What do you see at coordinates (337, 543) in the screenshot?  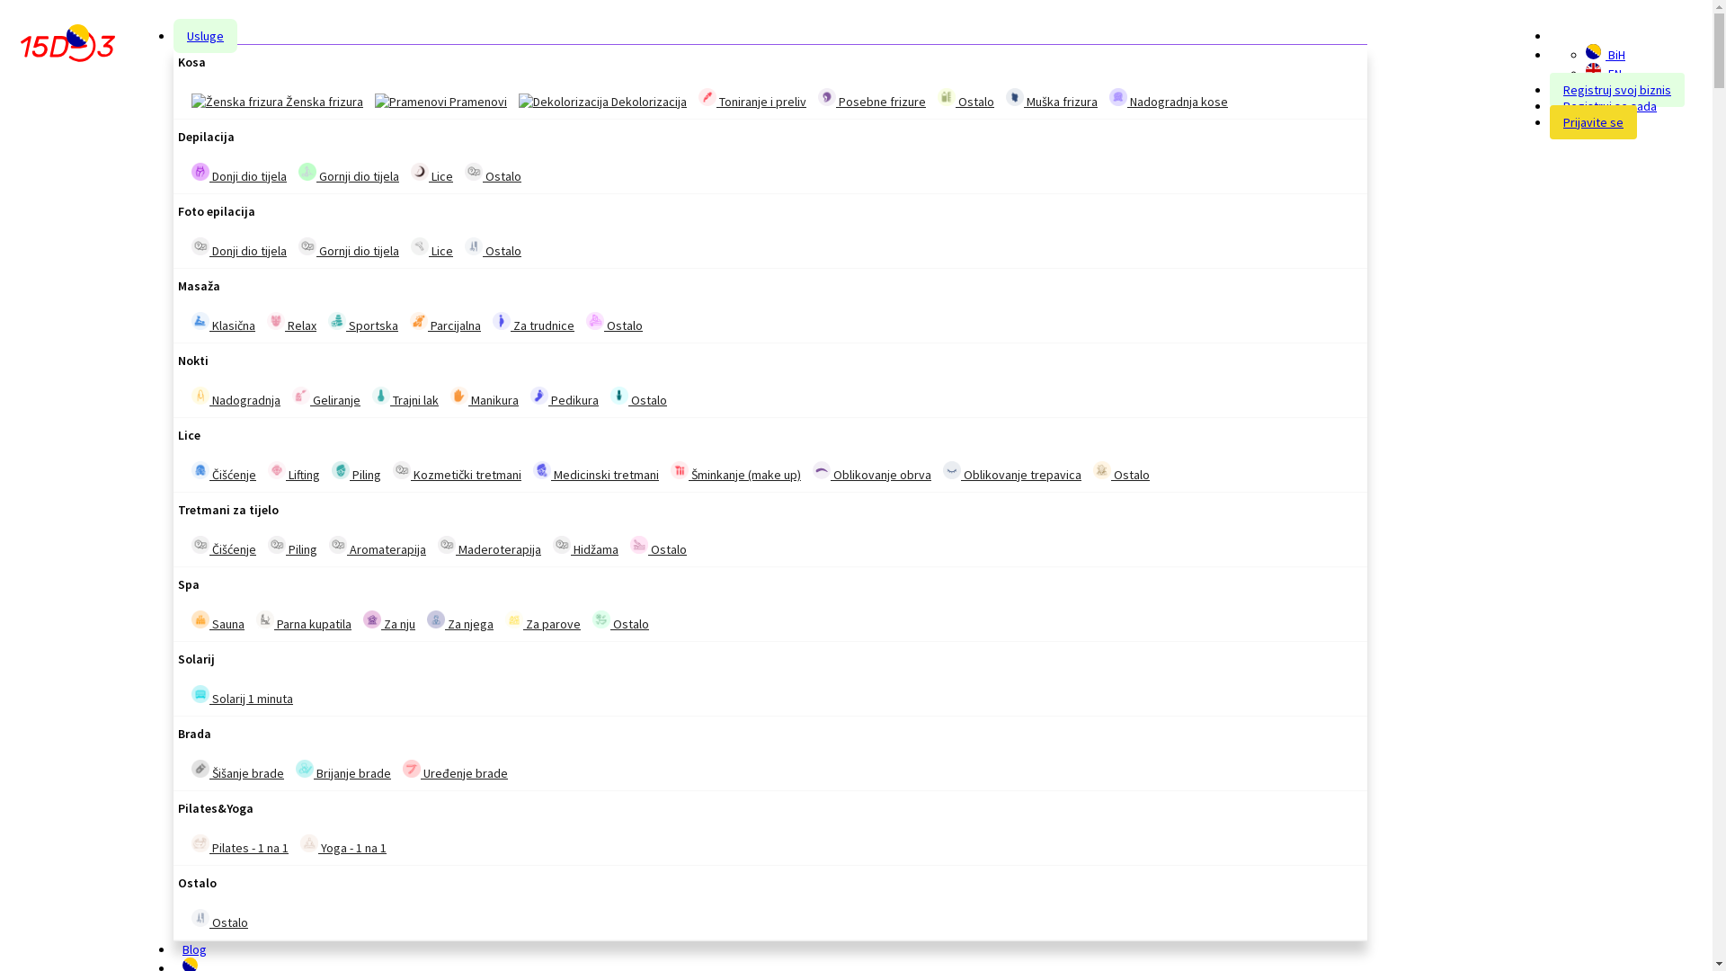 I see `'Aromaterapija'` at bounding box center [337, 543].